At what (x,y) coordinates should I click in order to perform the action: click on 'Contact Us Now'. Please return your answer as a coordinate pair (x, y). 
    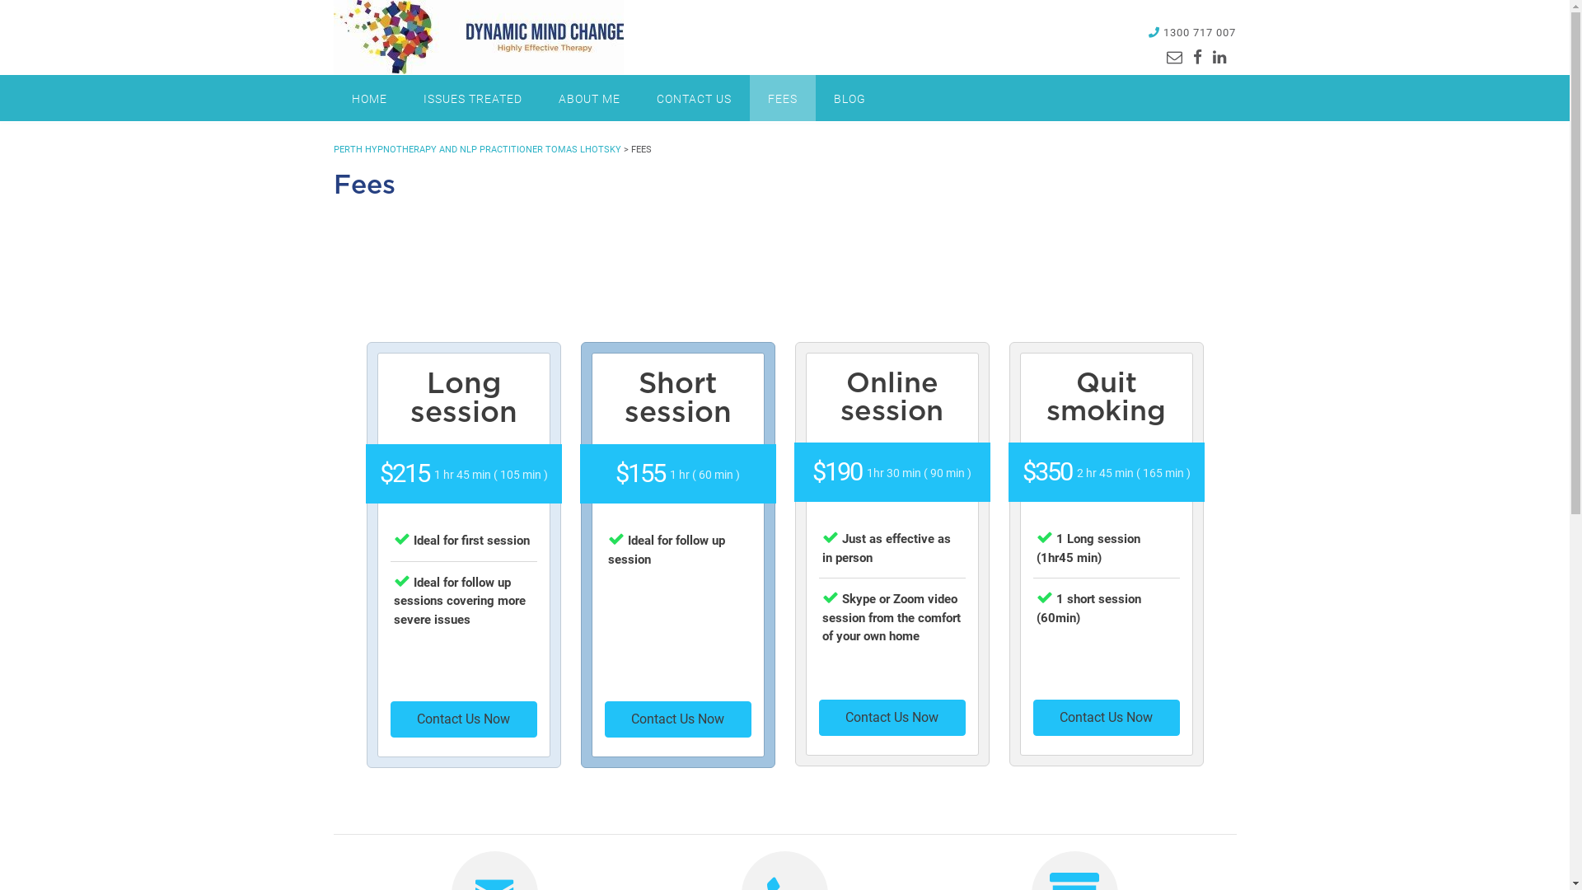
    Looking at the image, I should click on (462, 718).